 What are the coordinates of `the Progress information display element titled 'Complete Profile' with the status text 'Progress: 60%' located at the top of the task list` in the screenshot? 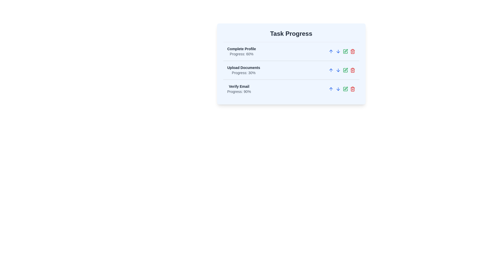 It's located at (241, 51).